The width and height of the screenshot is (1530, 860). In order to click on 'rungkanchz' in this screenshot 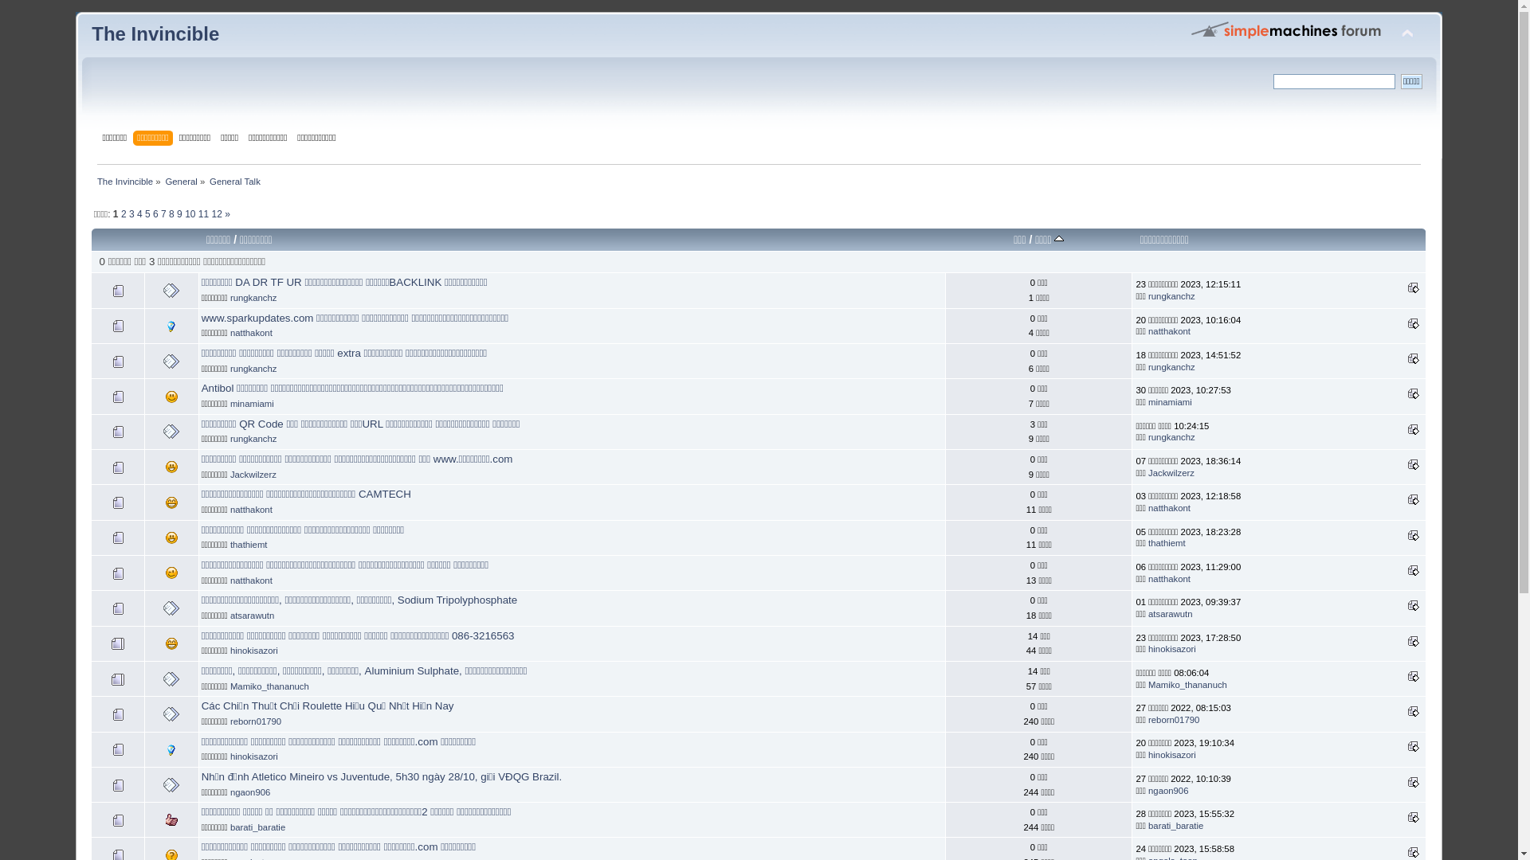, I will do `click(1171, 436)`.